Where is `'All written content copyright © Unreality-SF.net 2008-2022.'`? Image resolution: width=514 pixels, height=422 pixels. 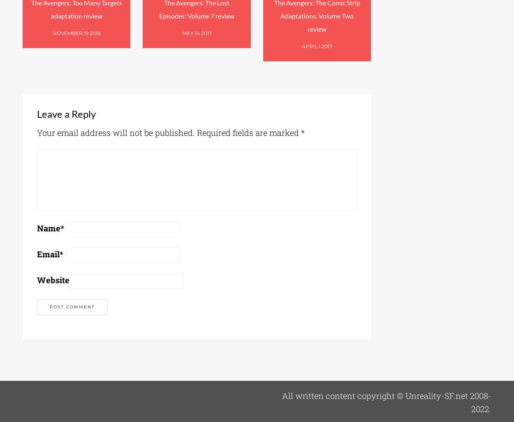
'All written content copyright © Unreality-SF.net 2008-2022.' is located at coordinates (386, 402).